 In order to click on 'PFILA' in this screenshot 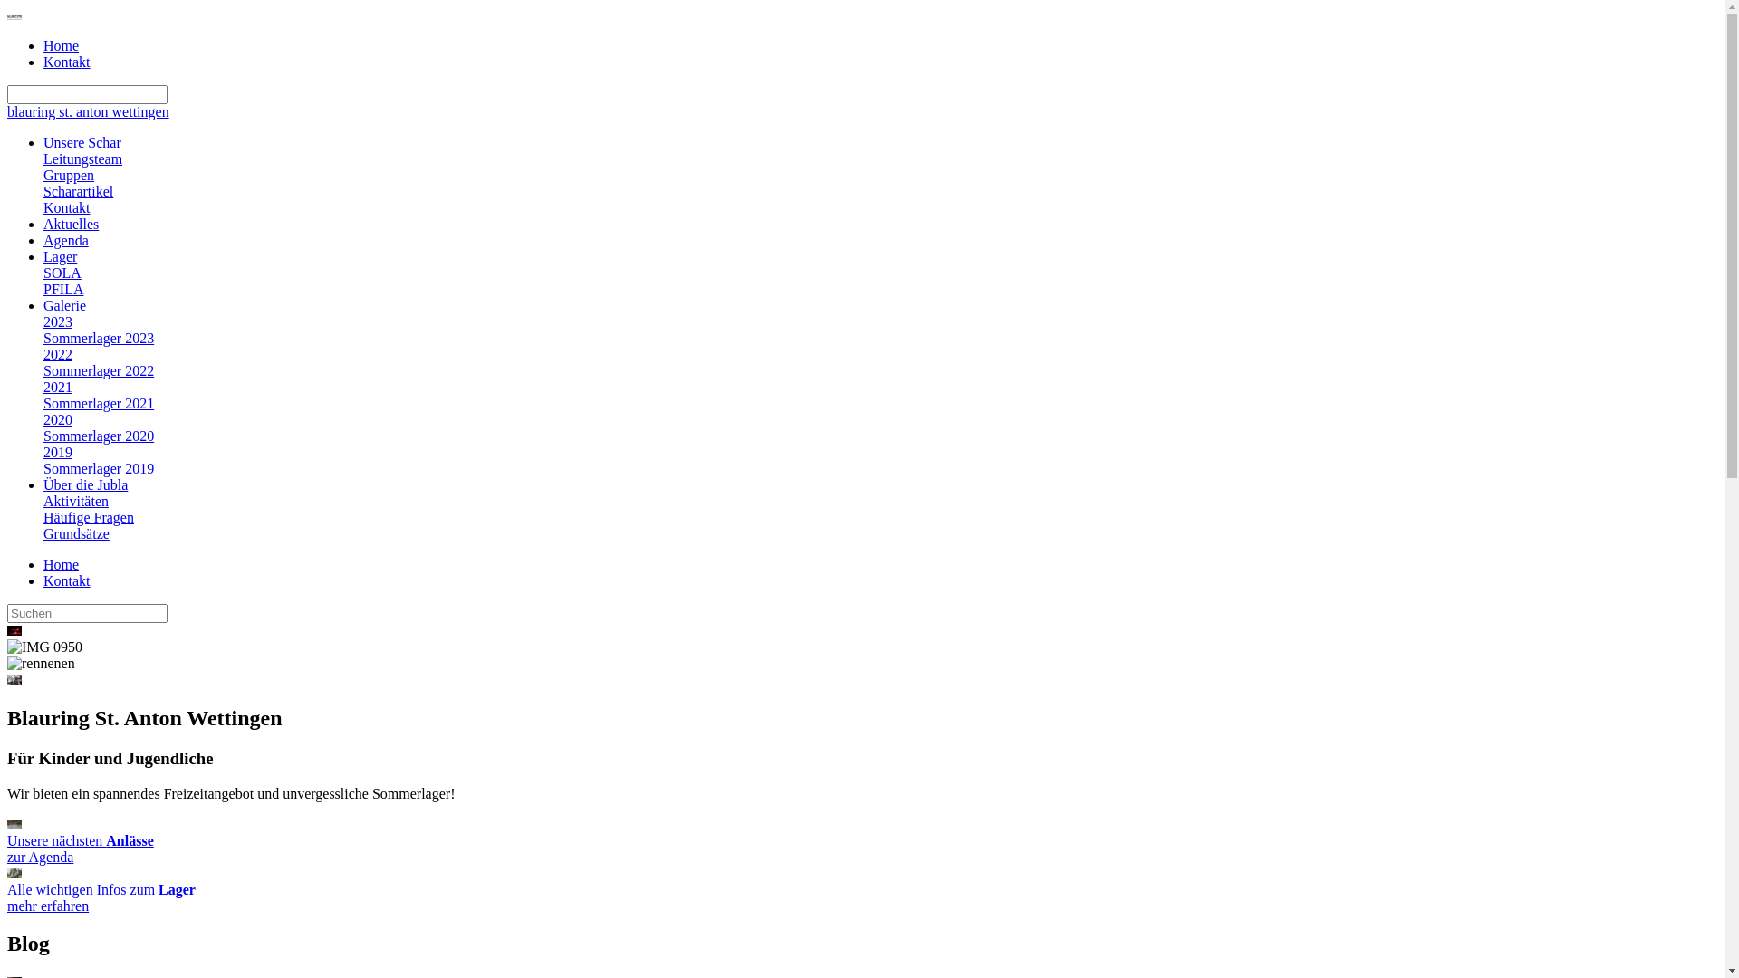, I will do `click(63, 288)`.